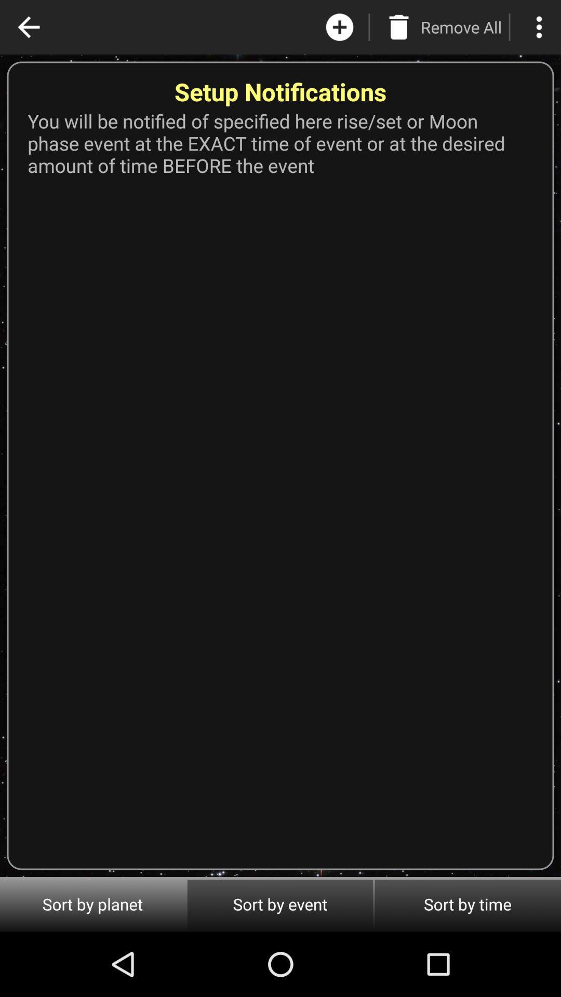 The height and width of the screenshot is (997, 561). What do you see at coordinates (340, 27) in the screenshot?
I see `the add icon` at bounding box center [340, 27].